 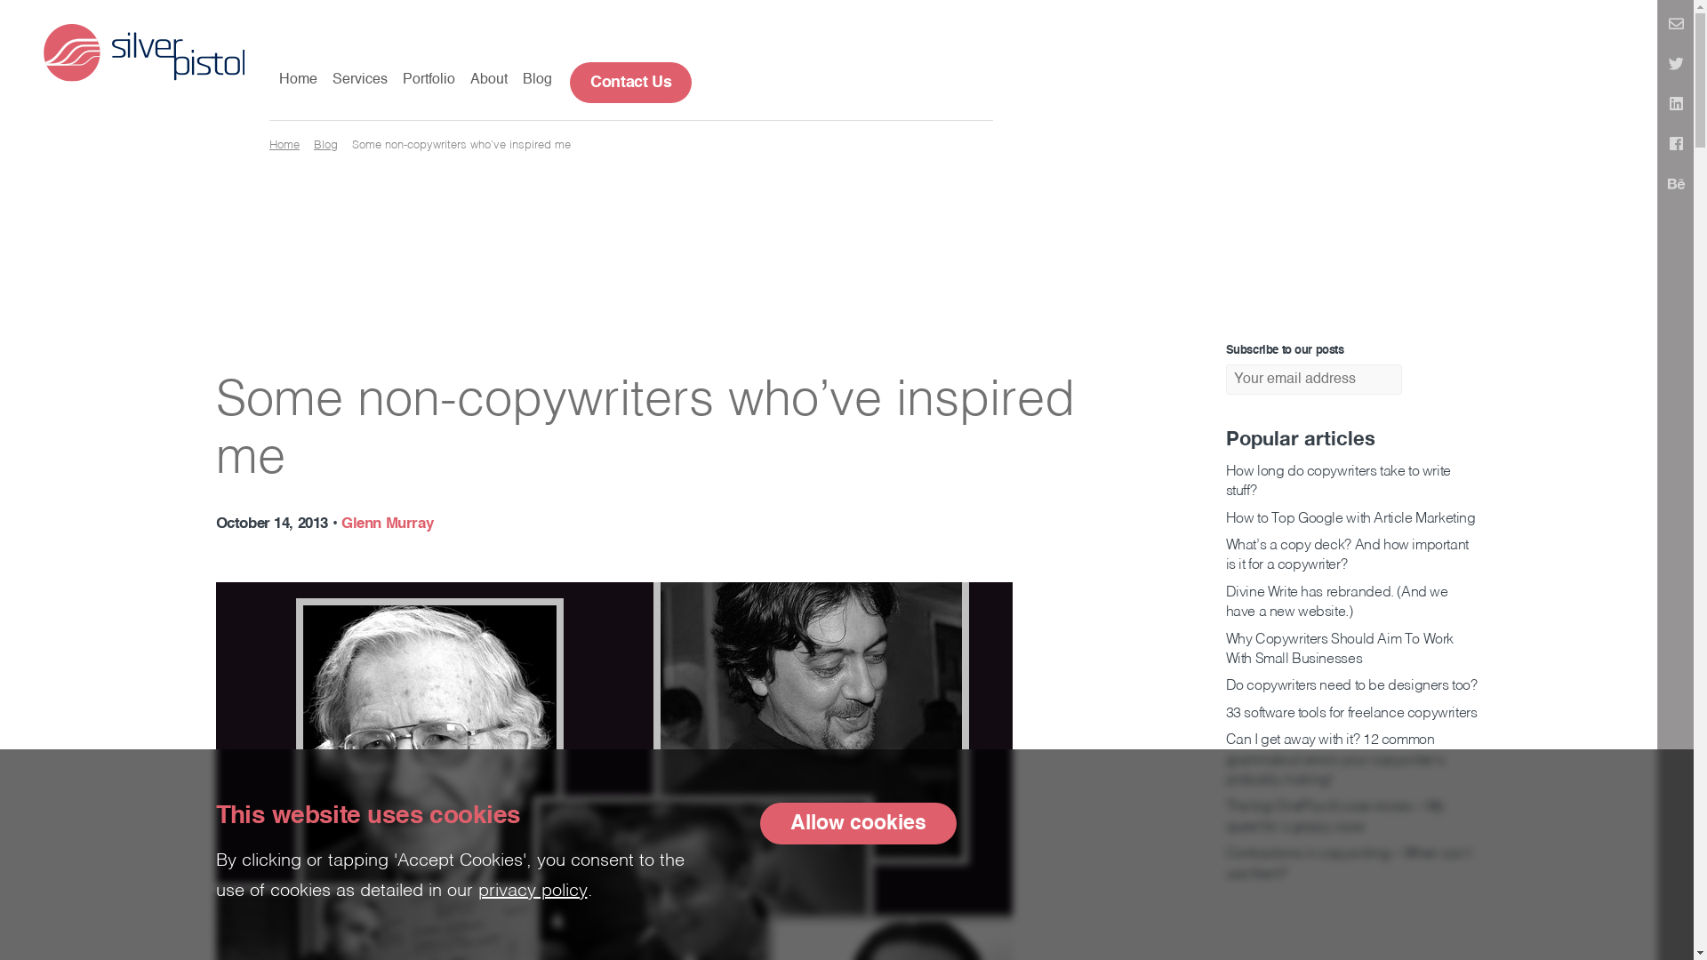 What do you see at coordinates (532, 891) in the screenshot?
I see `'privacy policy'` at bounding box center [532, 891].